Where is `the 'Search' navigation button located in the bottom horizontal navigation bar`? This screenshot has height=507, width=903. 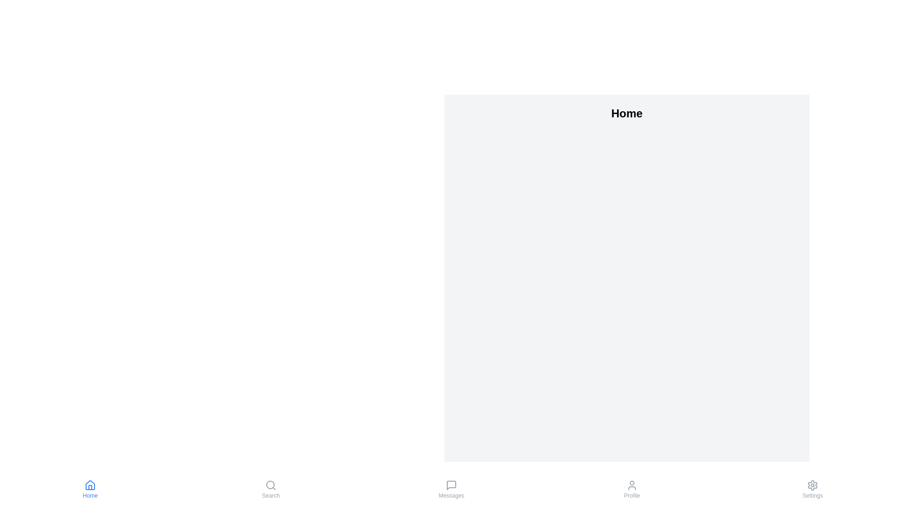
the 'Search' navigation button located in the bottom horizontal navigation bar is located at coordinates (270, 489).